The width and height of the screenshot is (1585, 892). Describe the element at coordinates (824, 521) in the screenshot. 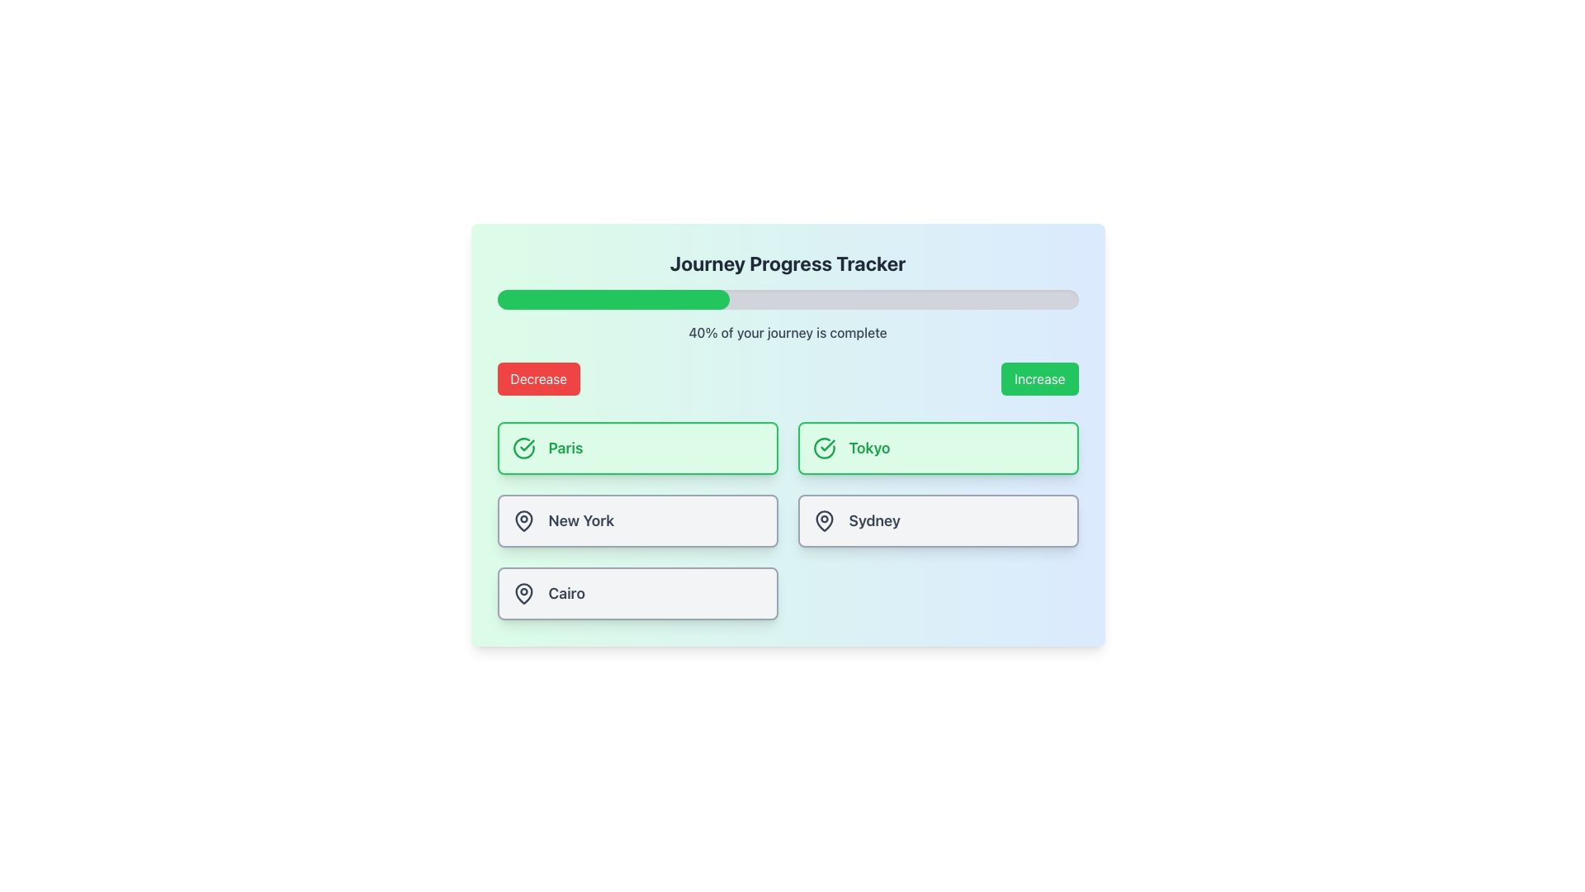

I see `the map pin icon indicating the location for 'Sydney' in the fourth item of the location list` at that location.